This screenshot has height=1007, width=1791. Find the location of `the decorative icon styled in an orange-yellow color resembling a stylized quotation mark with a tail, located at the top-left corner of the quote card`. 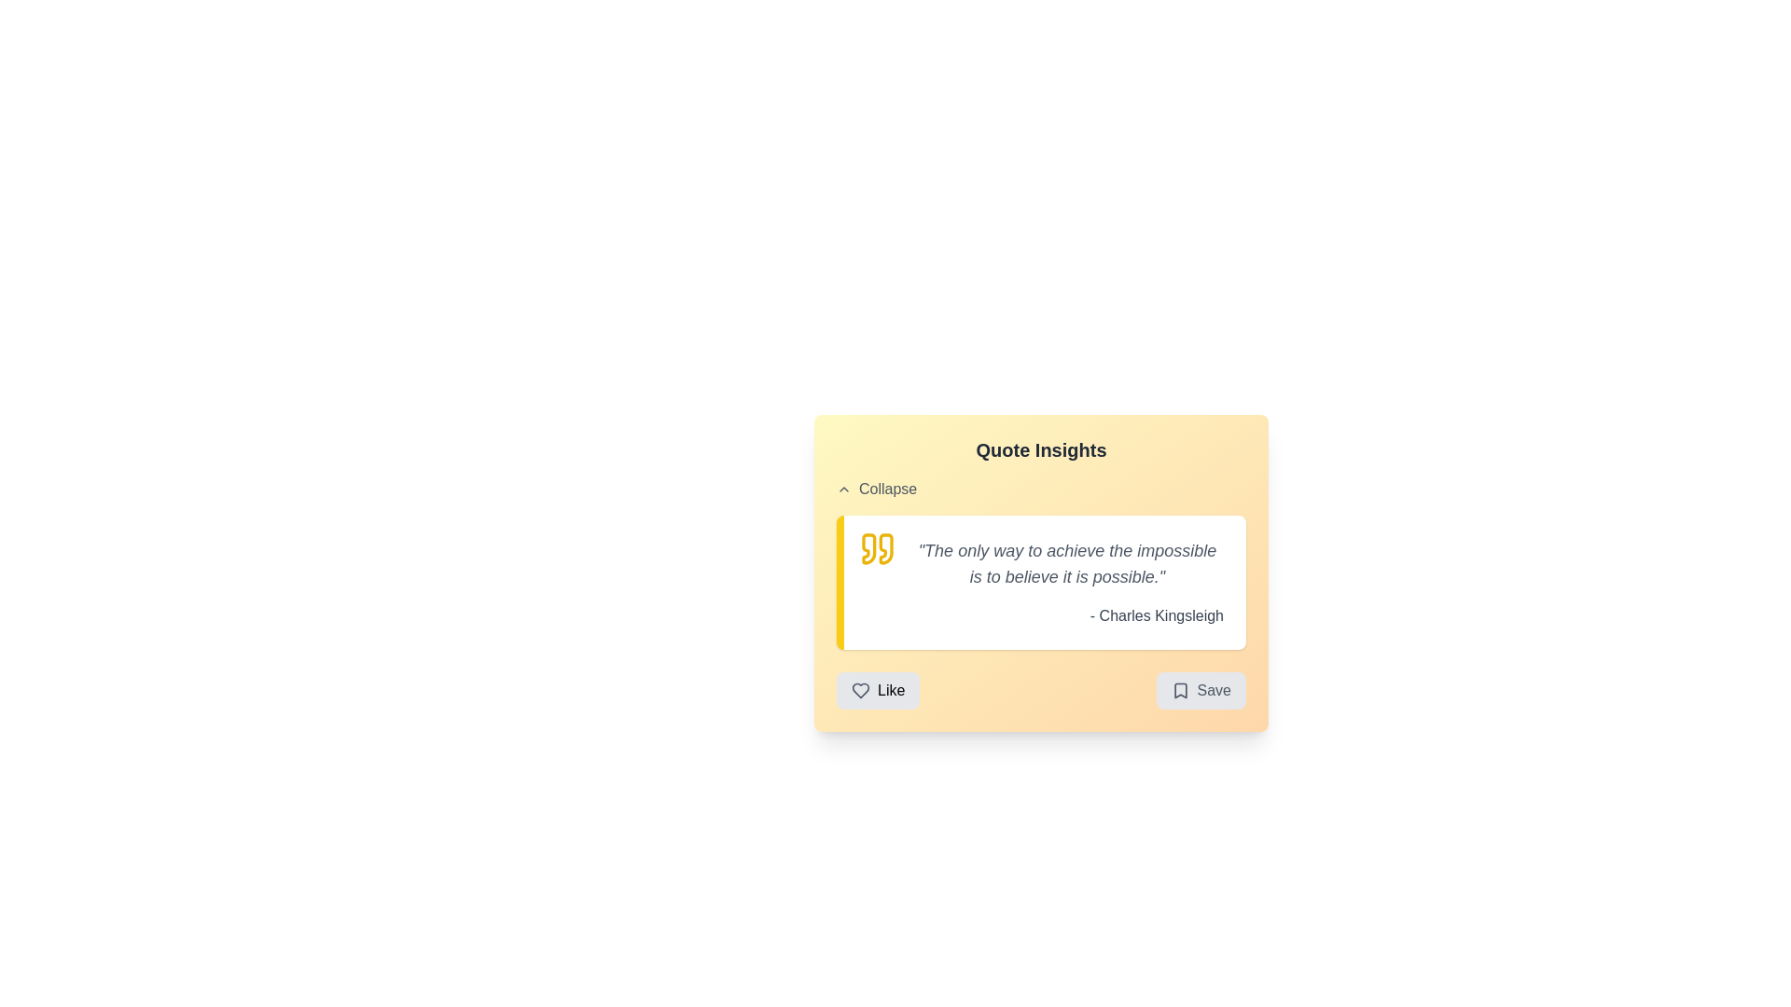

the decorative icon styled in an orange-yellow color resembling a stylized quotation mark with a tail, located at the top-left corner of the quote card is located at coordinates (868, 548).